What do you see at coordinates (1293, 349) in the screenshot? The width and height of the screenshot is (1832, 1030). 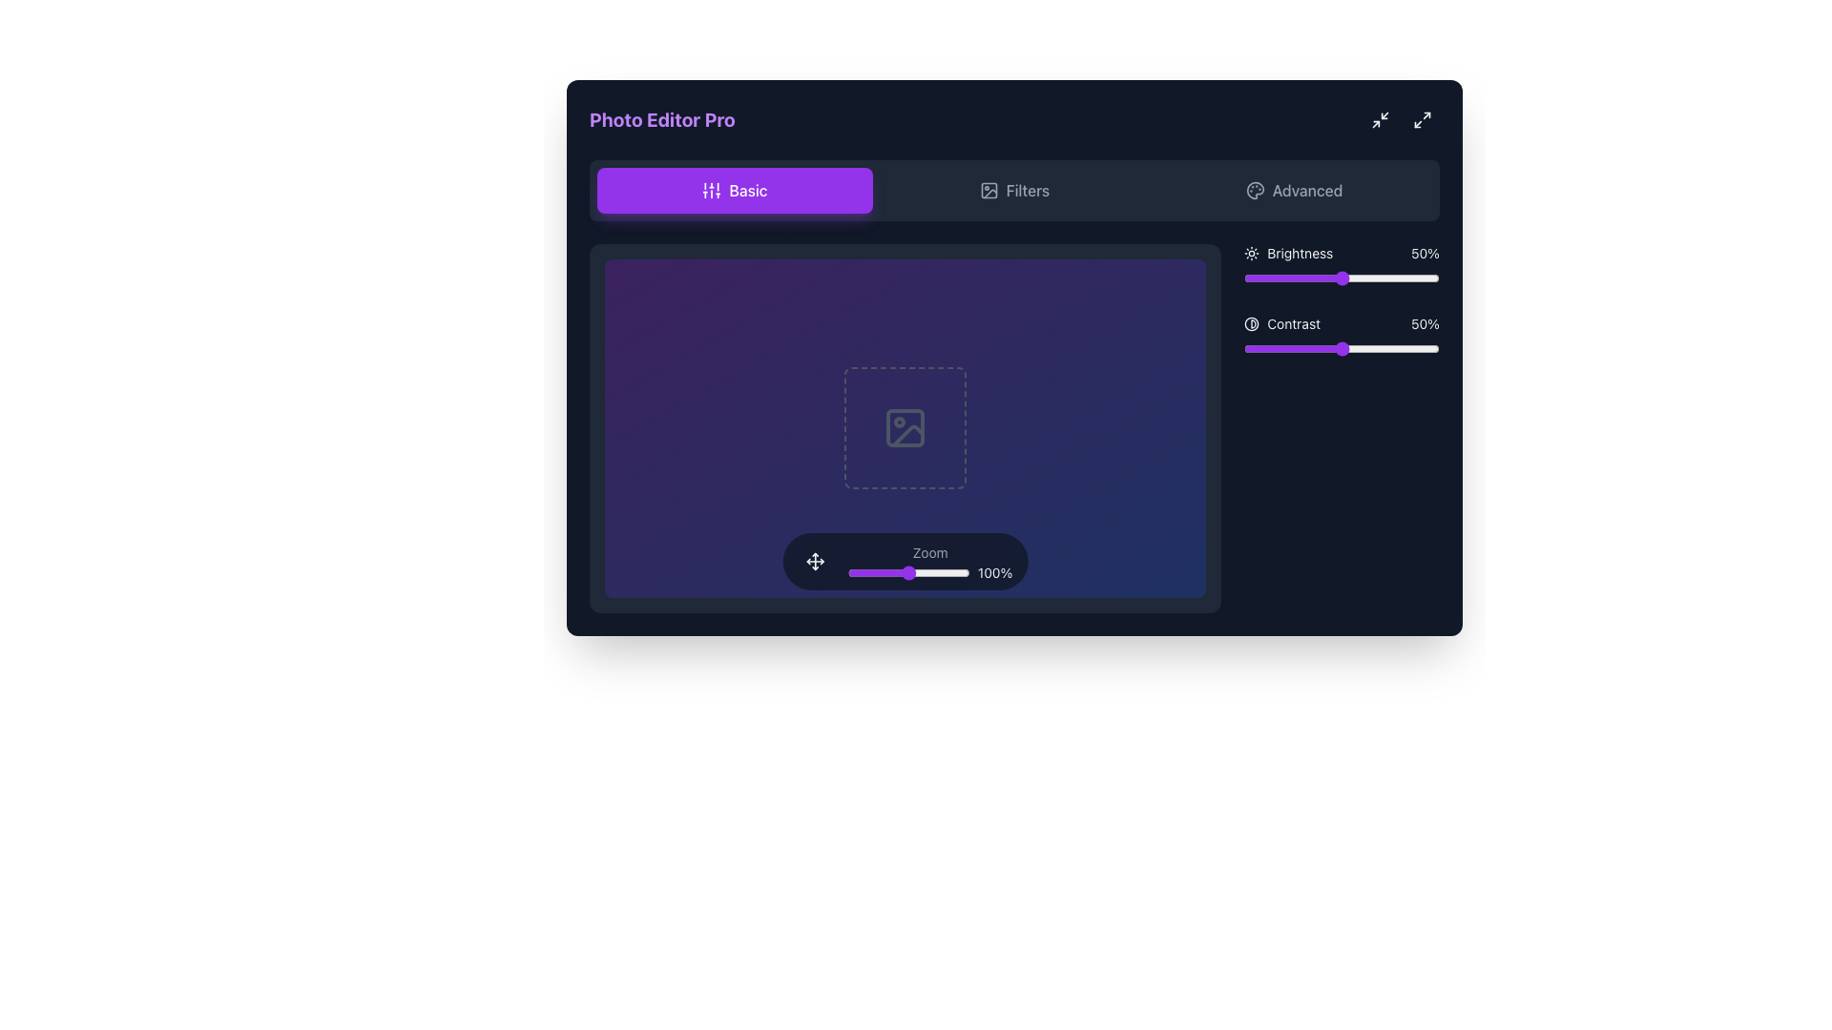 I see `the slider` at bounding box center [1293, 349].